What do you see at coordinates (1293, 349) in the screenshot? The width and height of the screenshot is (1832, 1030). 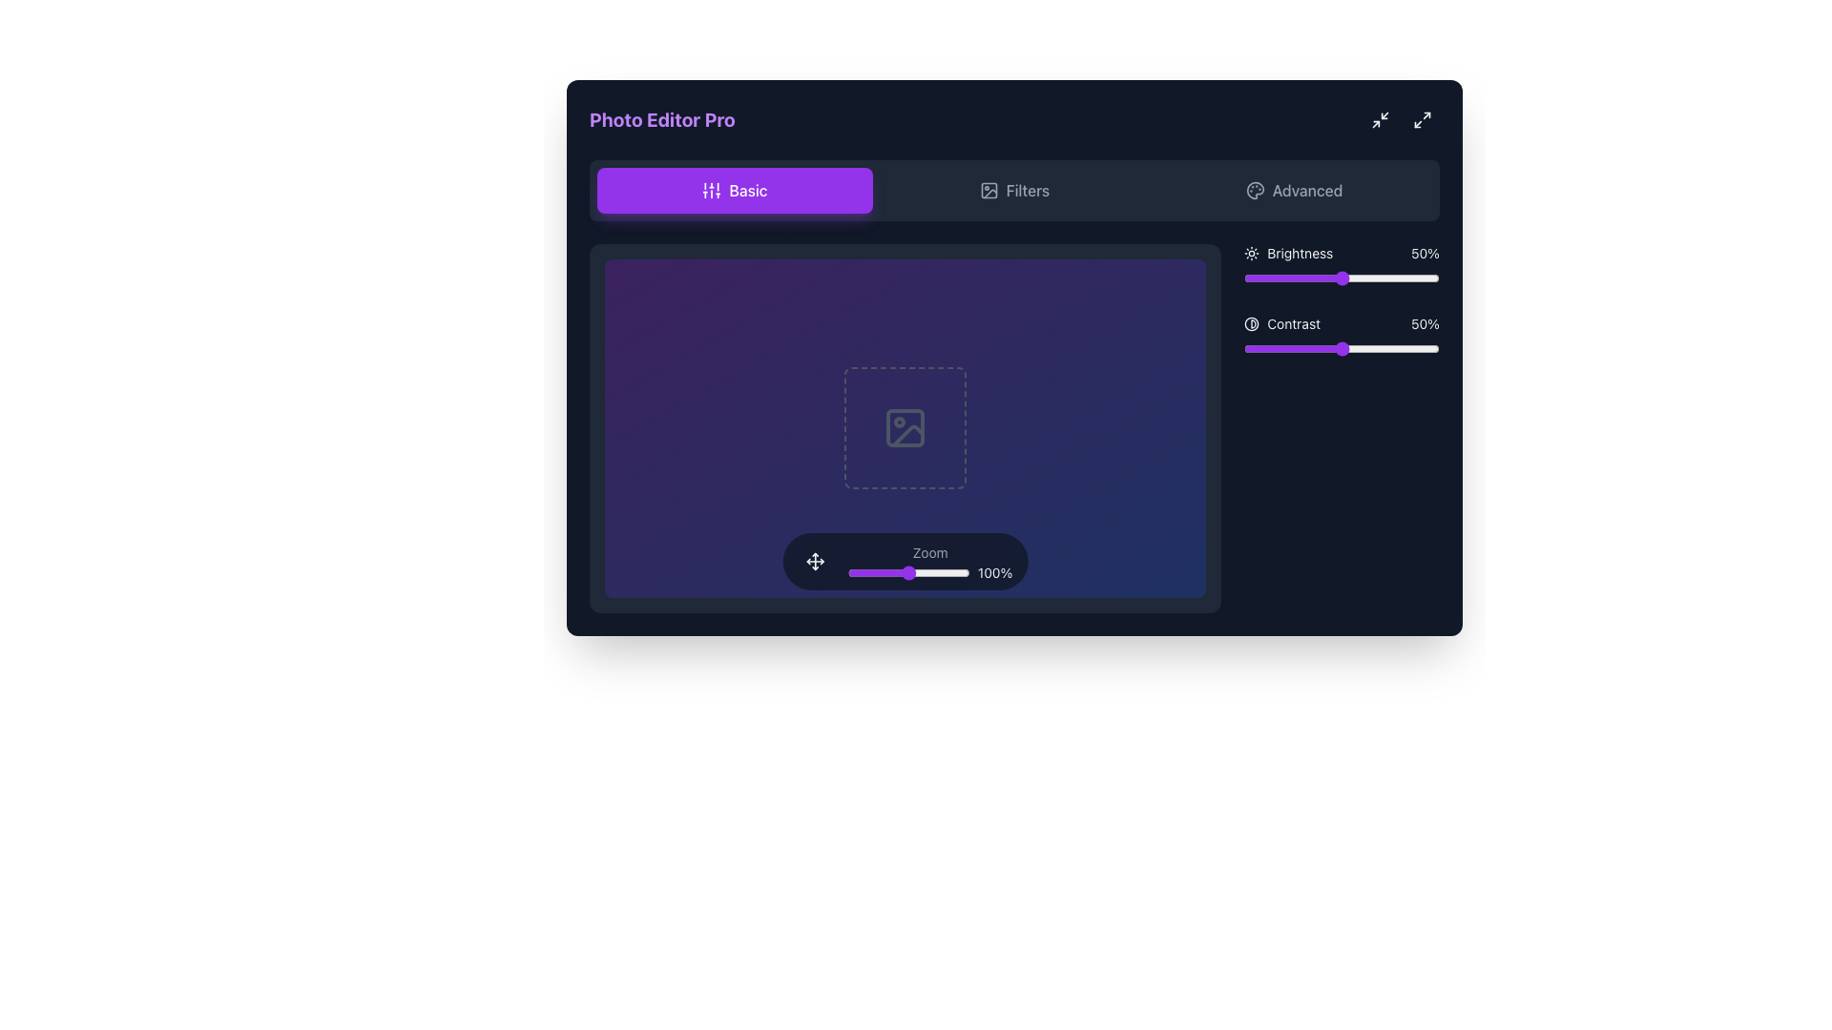 I see `the slider` at bounding box center [1293, 349].